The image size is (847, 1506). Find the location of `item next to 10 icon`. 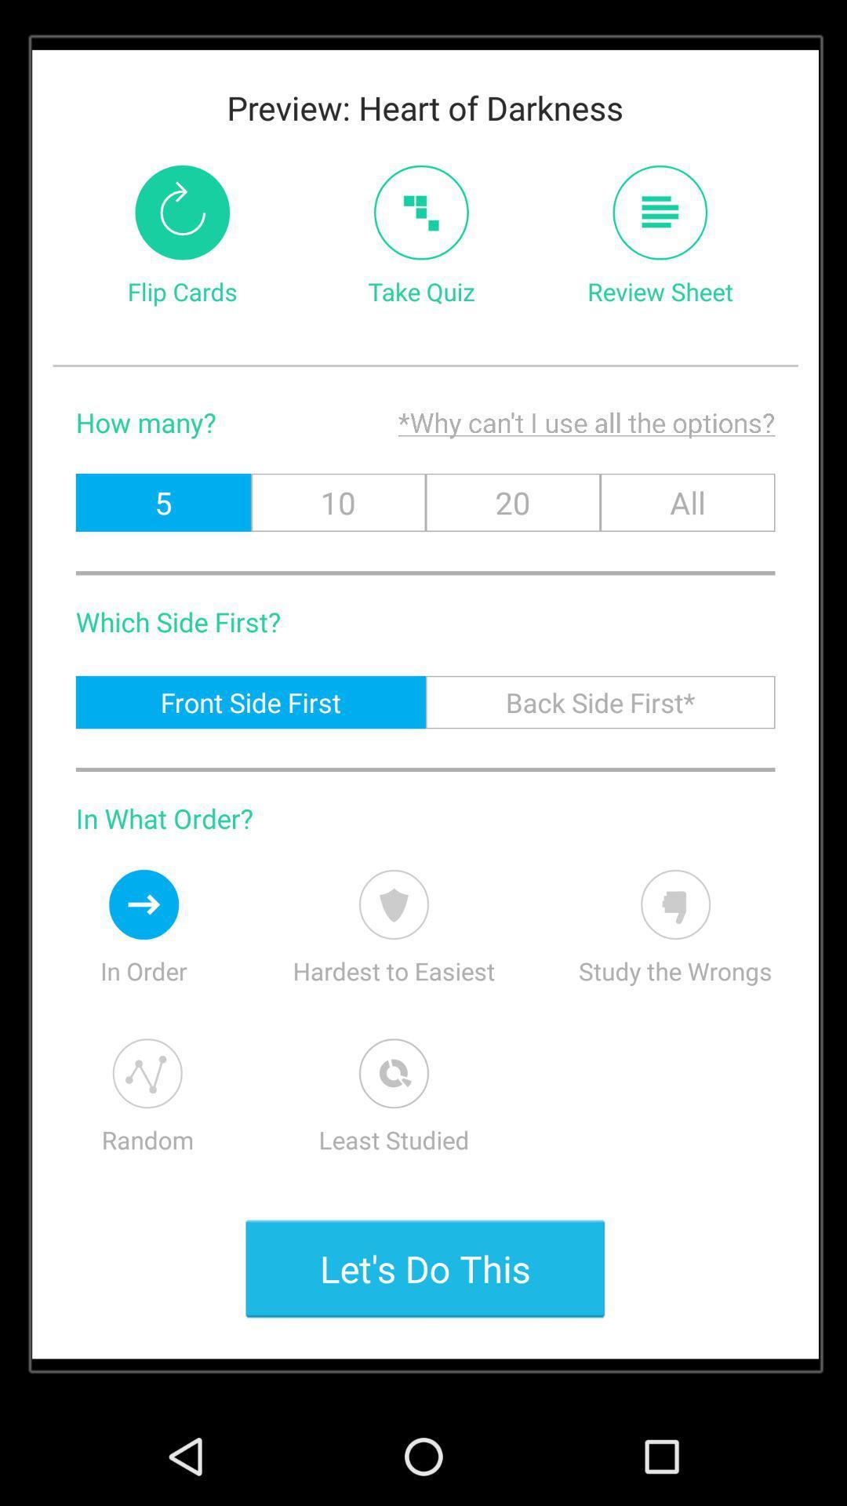

item next to 10 icon is located at coordinates (513, 502).